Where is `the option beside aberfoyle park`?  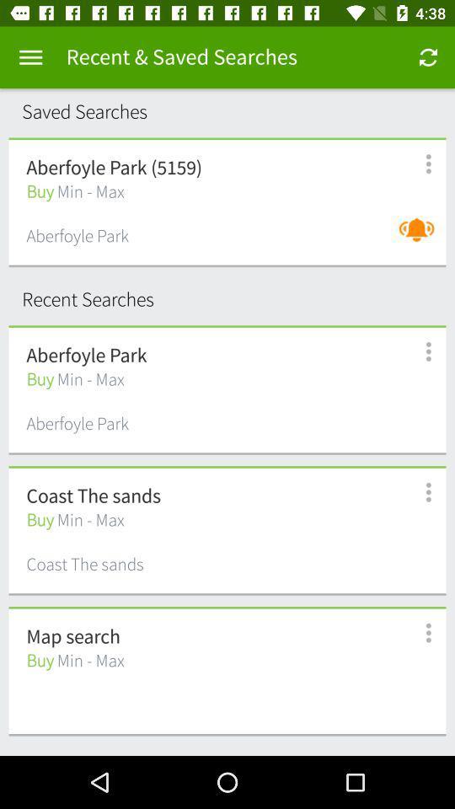
the option beside aberfoyle park is located at coordinates (419, 351).